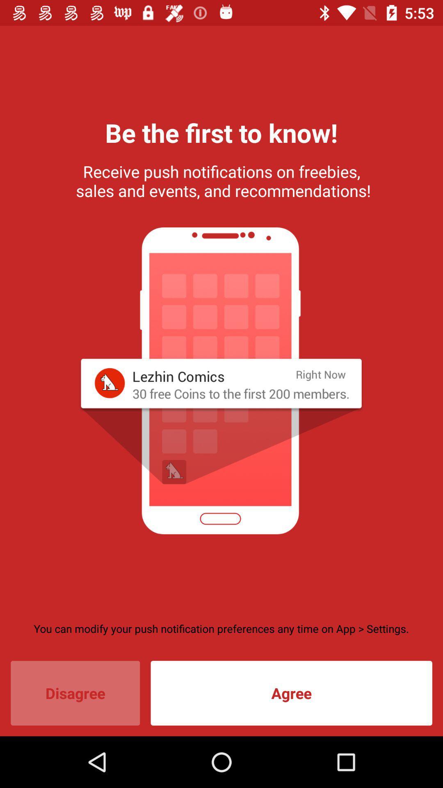  Describe the element at coordinates (75, 693) in the screenshot. I see `disagree` at that location.